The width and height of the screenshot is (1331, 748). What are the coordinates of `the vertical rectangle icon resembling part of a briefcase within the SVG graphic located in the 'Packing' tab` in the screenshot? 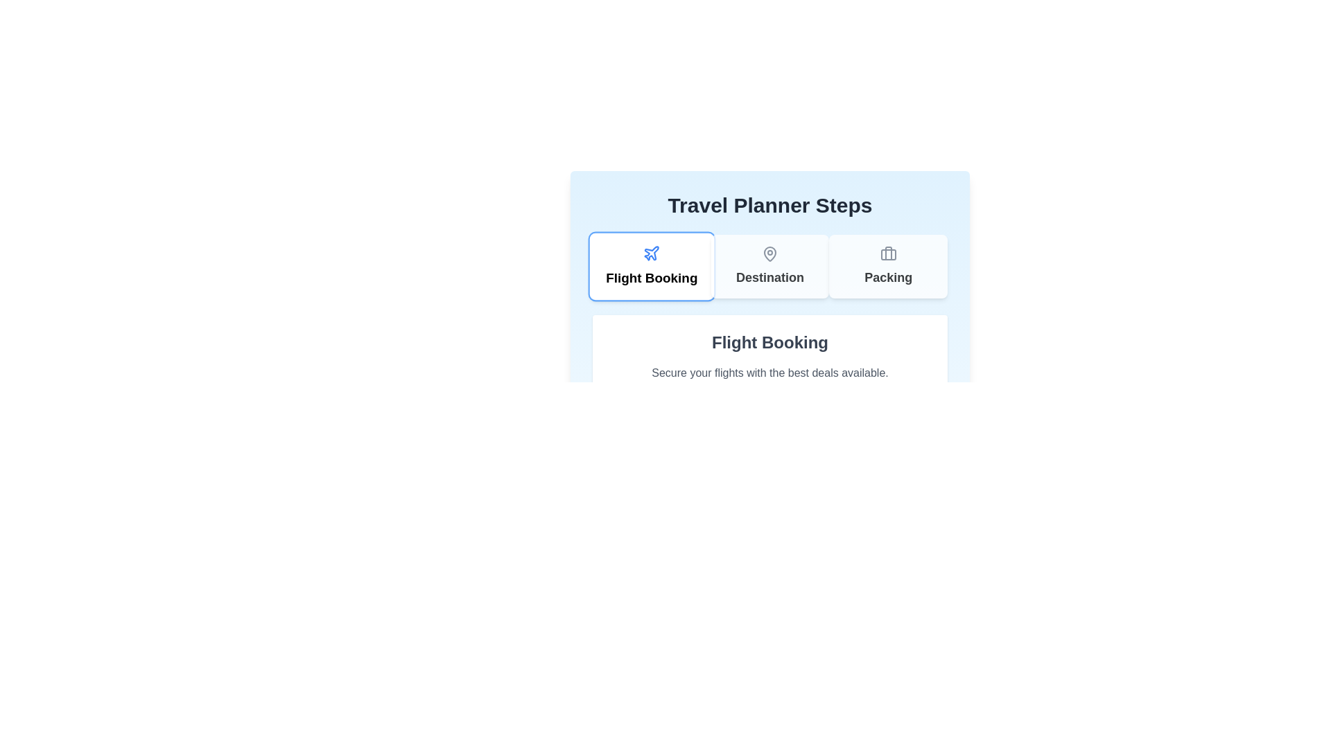 It's located at (888, 253).